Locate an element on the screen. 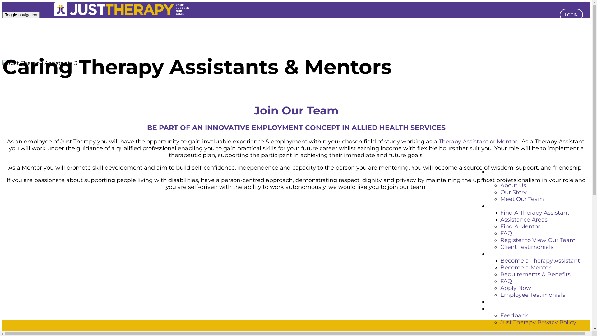 This screenshot has width=597, height=336. 'Employee Testimonials' is located at coordinates (500, 295).